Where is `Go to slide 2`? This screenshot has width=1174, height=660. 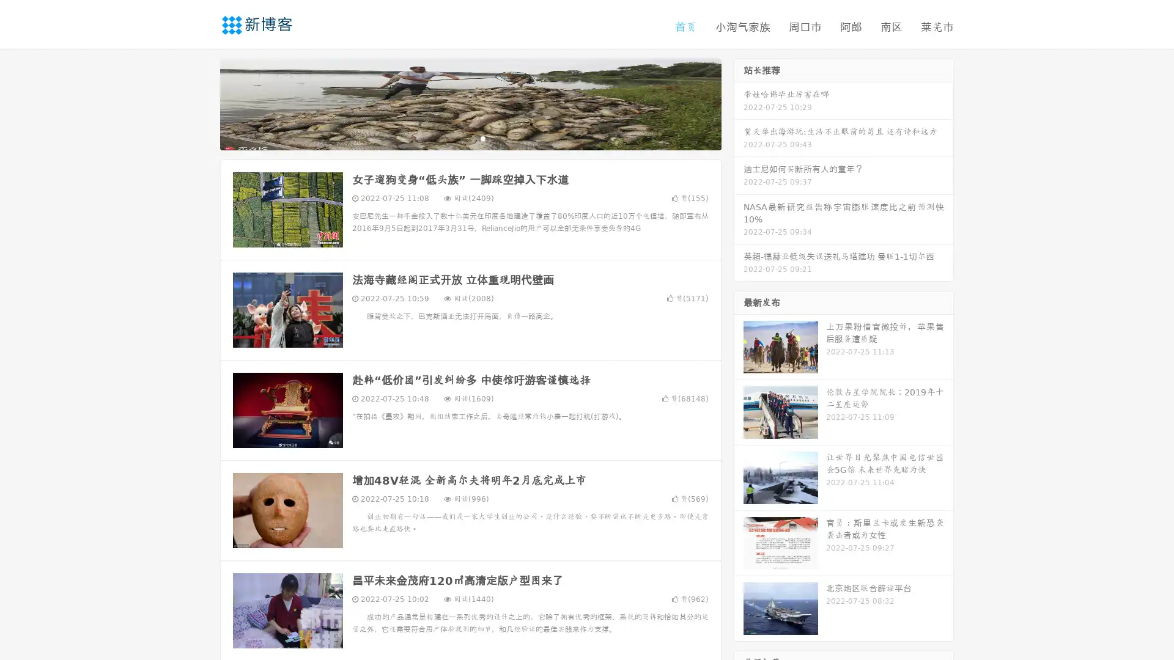 Go to slide 2 is located at coordinates (470, 137).